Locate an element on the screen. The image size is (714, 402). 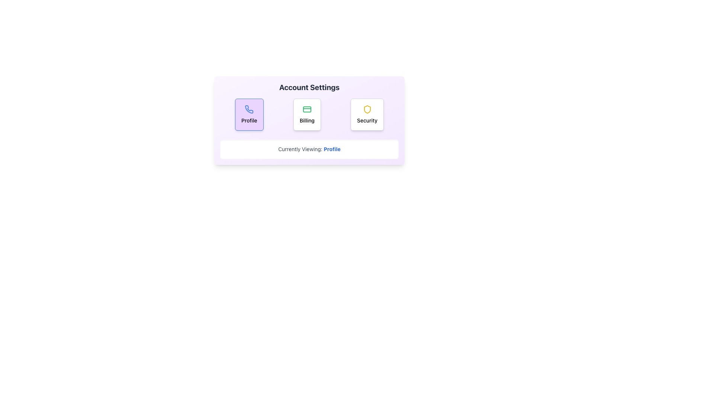
the credit card icon element in the 'Billing' section under 'Account Settings' is located at coordinates (307, 109).